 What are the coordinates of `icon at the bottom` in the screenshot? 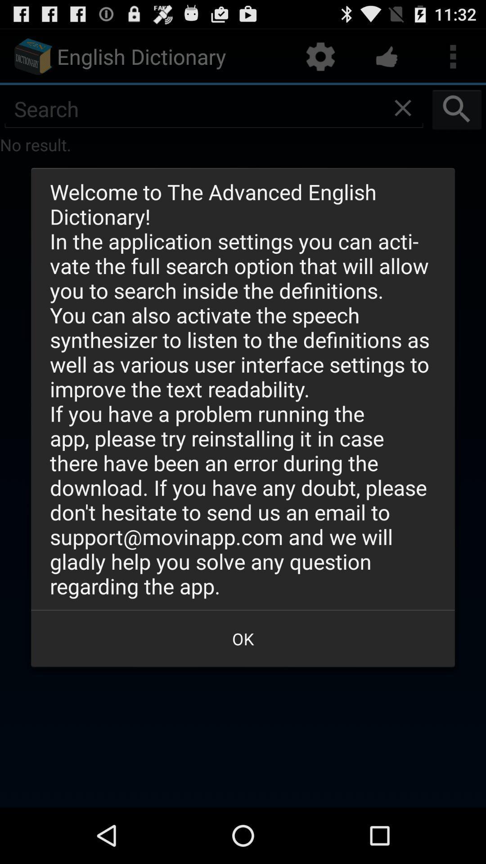 It's located at (243, 638).